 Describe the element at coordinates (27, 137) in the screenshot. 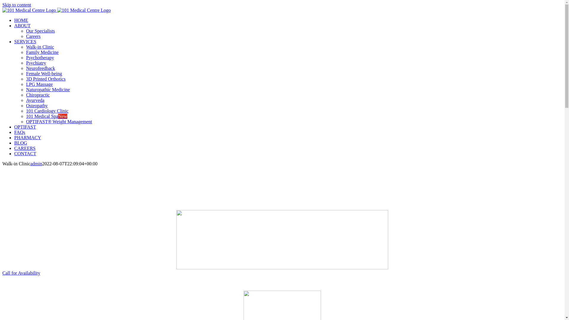

I see `'PHARMACY'` at that location.